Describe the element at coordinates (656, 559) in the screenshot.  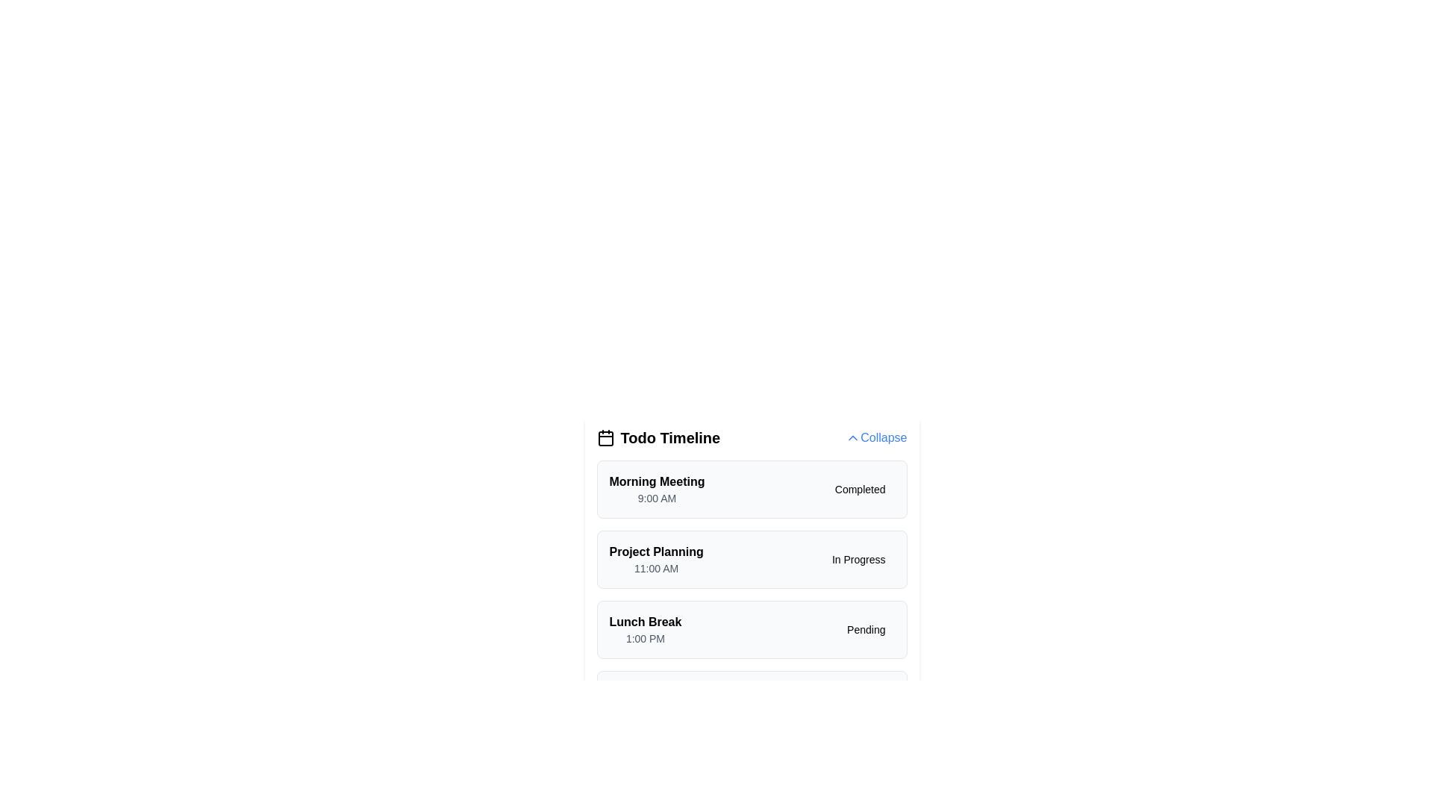
I see `the 'Project Planning' text display element that has a bold title and a subtitle, located in the second card of the vertical list` at that location.